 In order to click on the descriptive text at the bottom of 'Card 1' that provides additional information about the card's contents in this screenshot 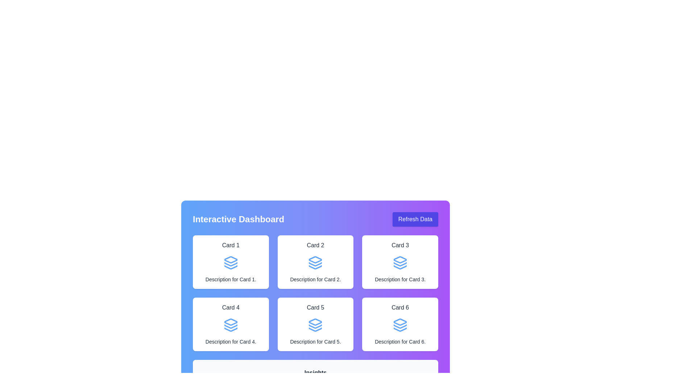, I will do `click(230, 279)`.